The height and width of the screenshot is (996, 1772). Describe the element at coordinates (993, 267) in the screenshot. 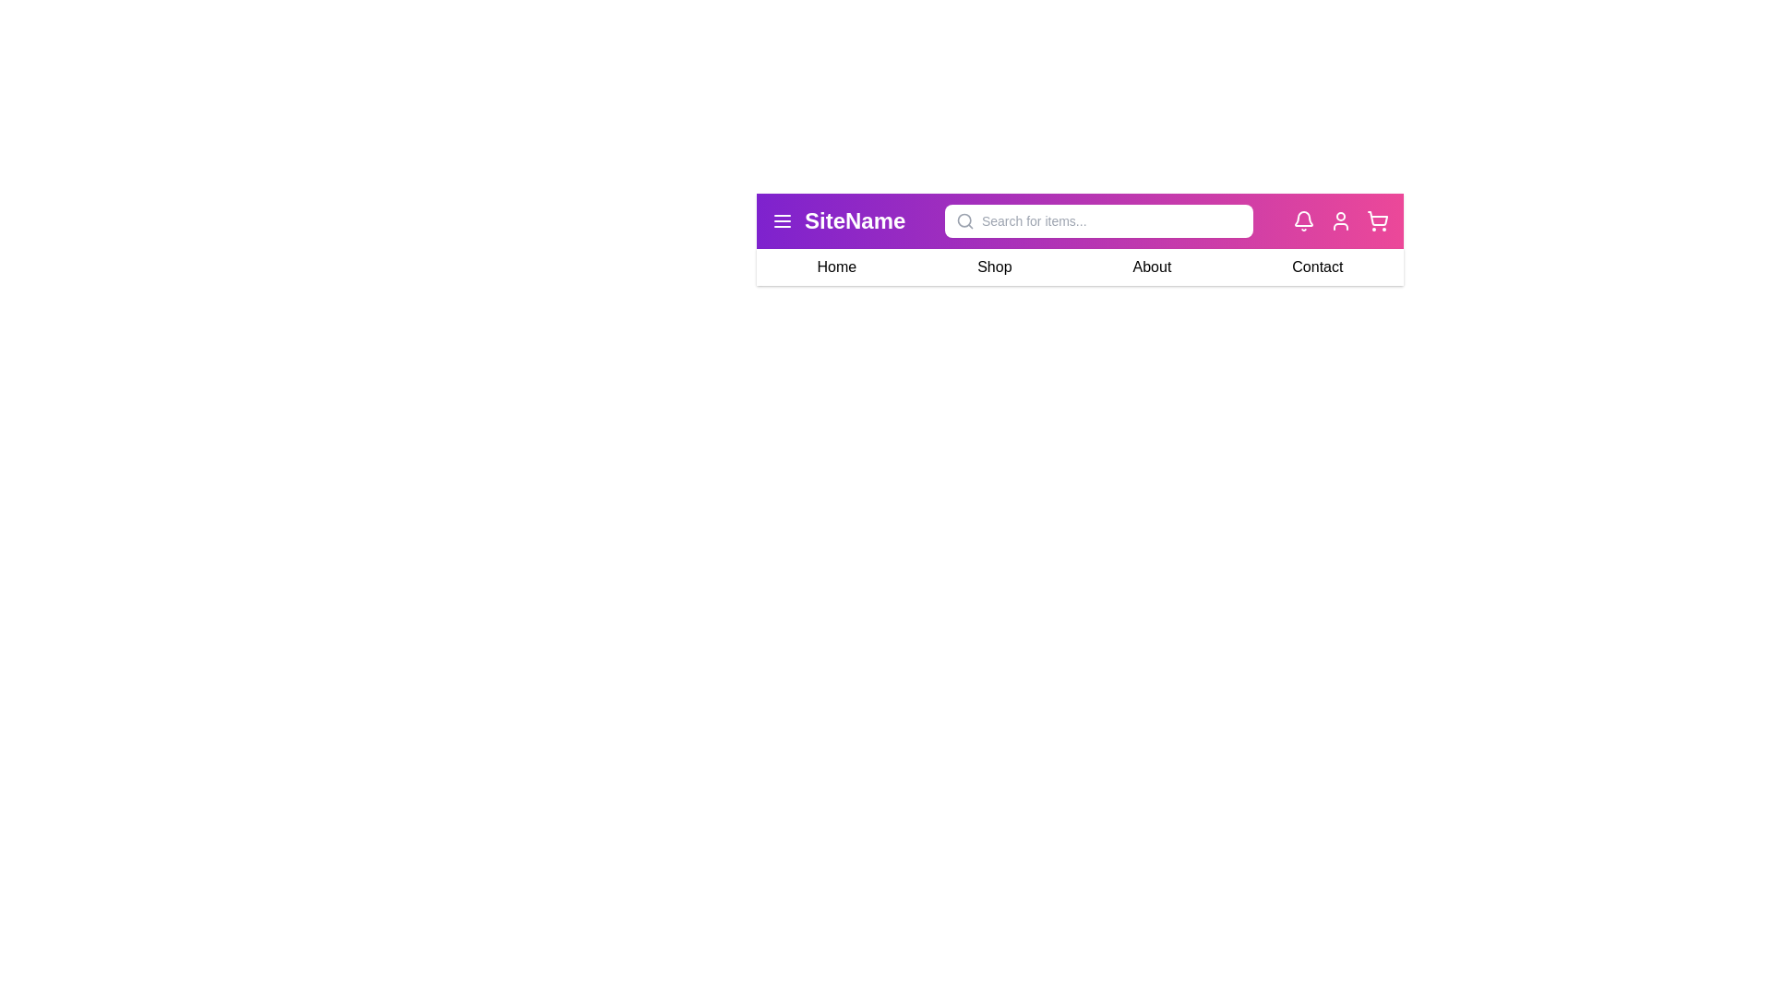

I see `the navigation menu item labeled Shop` at that location.